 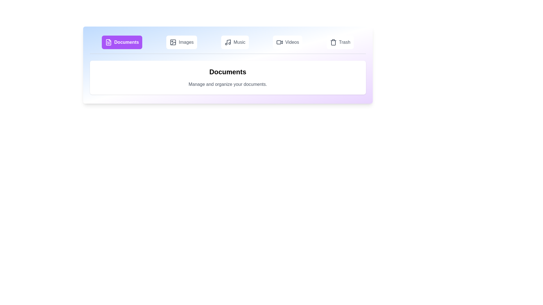 I want to click on the Trash tab to view its contents, so click(x=340, y=42).